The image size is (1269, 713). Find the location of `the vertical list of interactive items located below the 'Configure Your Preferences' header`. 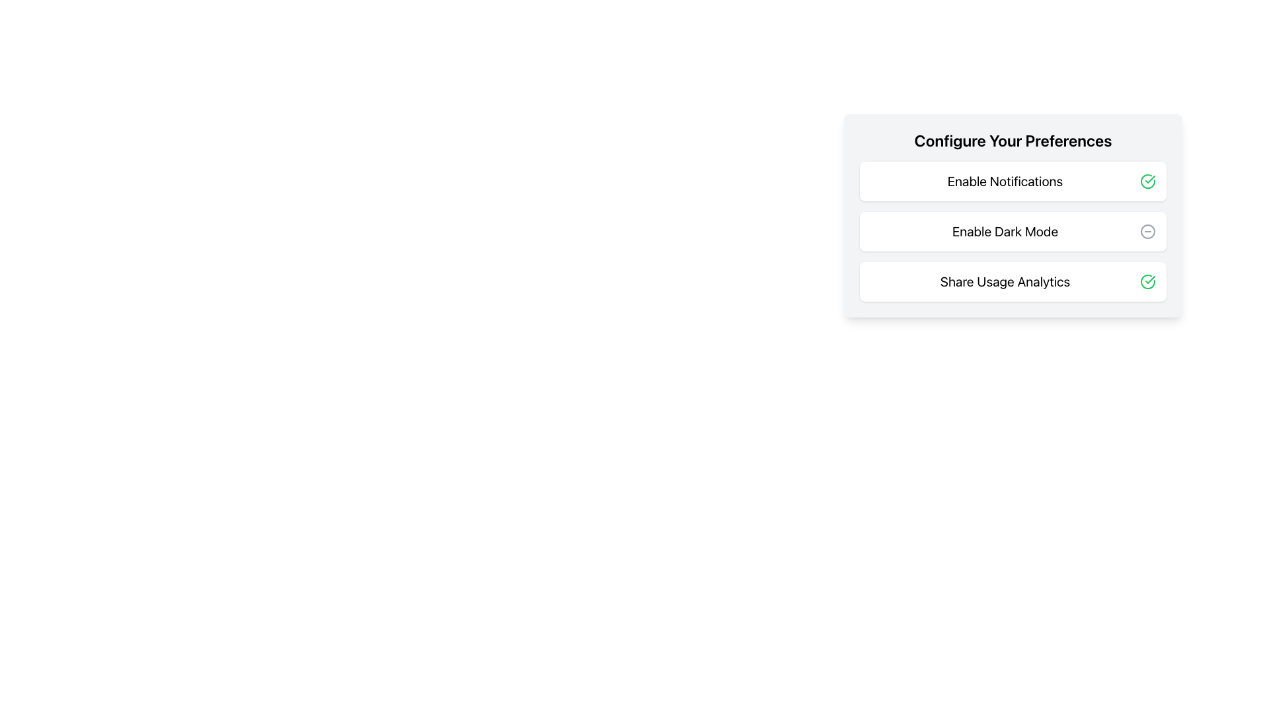

the vertical list of interactive items located below the 'Configure Your Preferences' header is located at coordinates (1012, 231).